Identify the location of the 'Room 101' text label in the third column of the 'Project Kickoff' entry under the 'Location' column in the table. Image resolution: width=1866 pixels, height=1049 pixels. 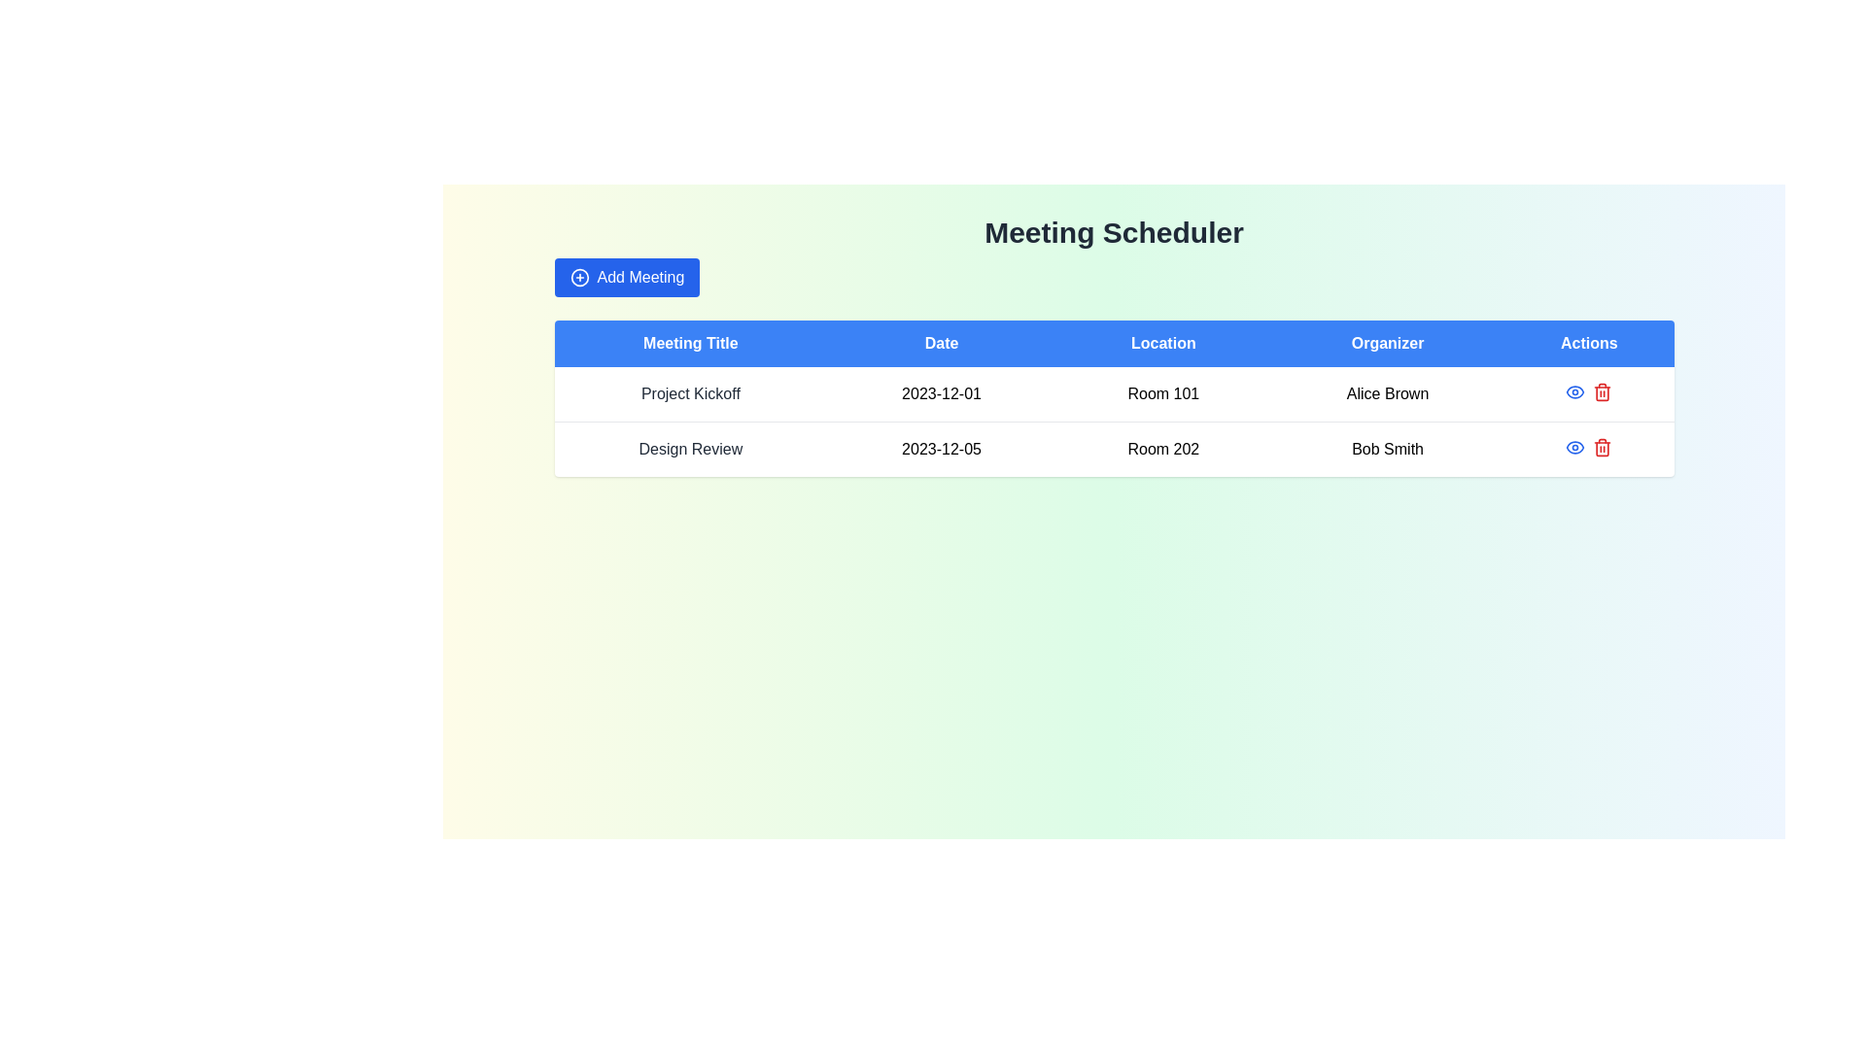
(1163, 393).